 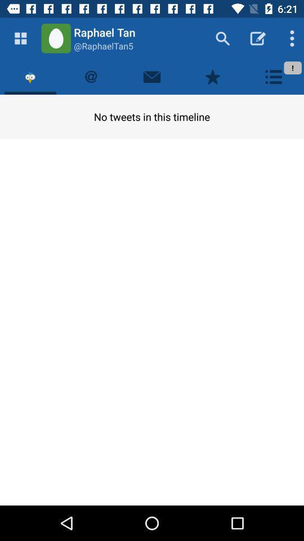 I want to click on open mentions from others, so click(x=91, y=76).